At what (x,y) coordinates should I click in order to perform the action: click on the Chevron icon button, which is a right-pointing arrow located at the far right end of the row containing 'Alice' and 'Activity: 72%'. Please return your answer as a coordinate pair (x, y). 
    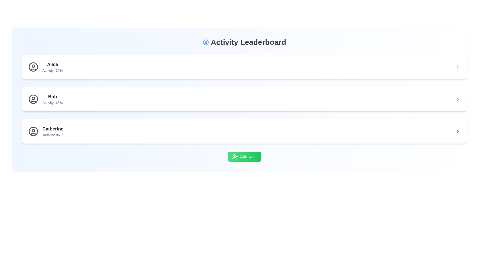
    Looking at the image, I should click on (457, 67).